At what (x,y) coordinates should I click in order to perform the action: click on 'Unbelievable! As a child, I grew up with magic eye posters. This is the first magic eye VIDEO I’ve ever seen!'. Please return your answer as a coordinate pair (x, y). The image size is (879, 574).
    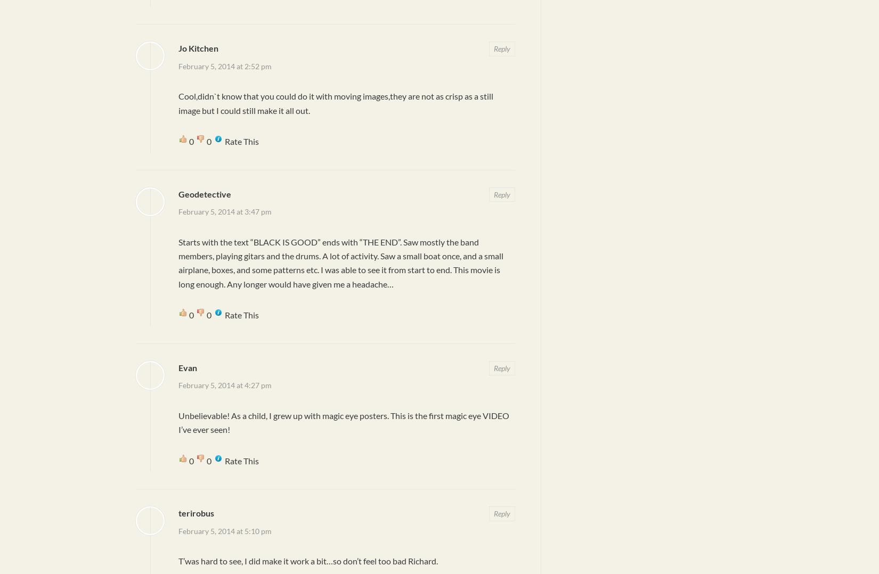
    Looking at the image, I should click on (343, 421).